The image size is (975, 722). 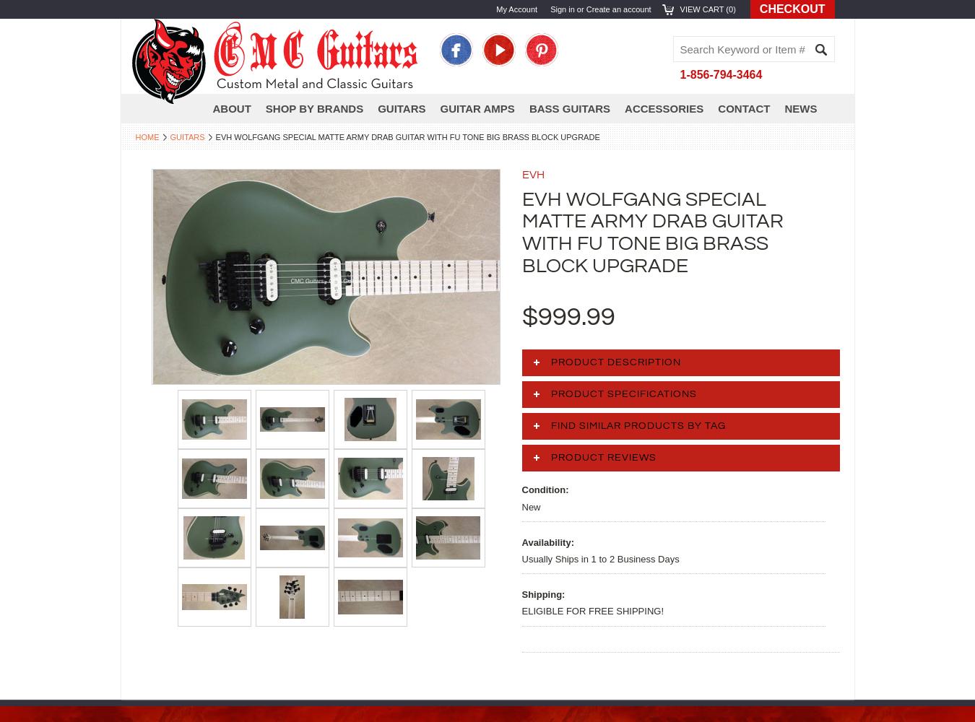 What do you see at coordinates (134, 136) in the screenshot?
I see `'Home'` at bounding box center [134, 136].